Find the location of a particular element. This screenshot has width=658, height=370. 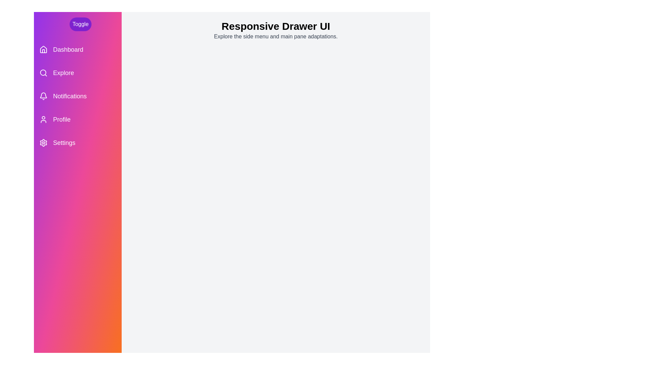

the menu item Dashboard to observe its visual feedback is located at coordinates (77, 49).